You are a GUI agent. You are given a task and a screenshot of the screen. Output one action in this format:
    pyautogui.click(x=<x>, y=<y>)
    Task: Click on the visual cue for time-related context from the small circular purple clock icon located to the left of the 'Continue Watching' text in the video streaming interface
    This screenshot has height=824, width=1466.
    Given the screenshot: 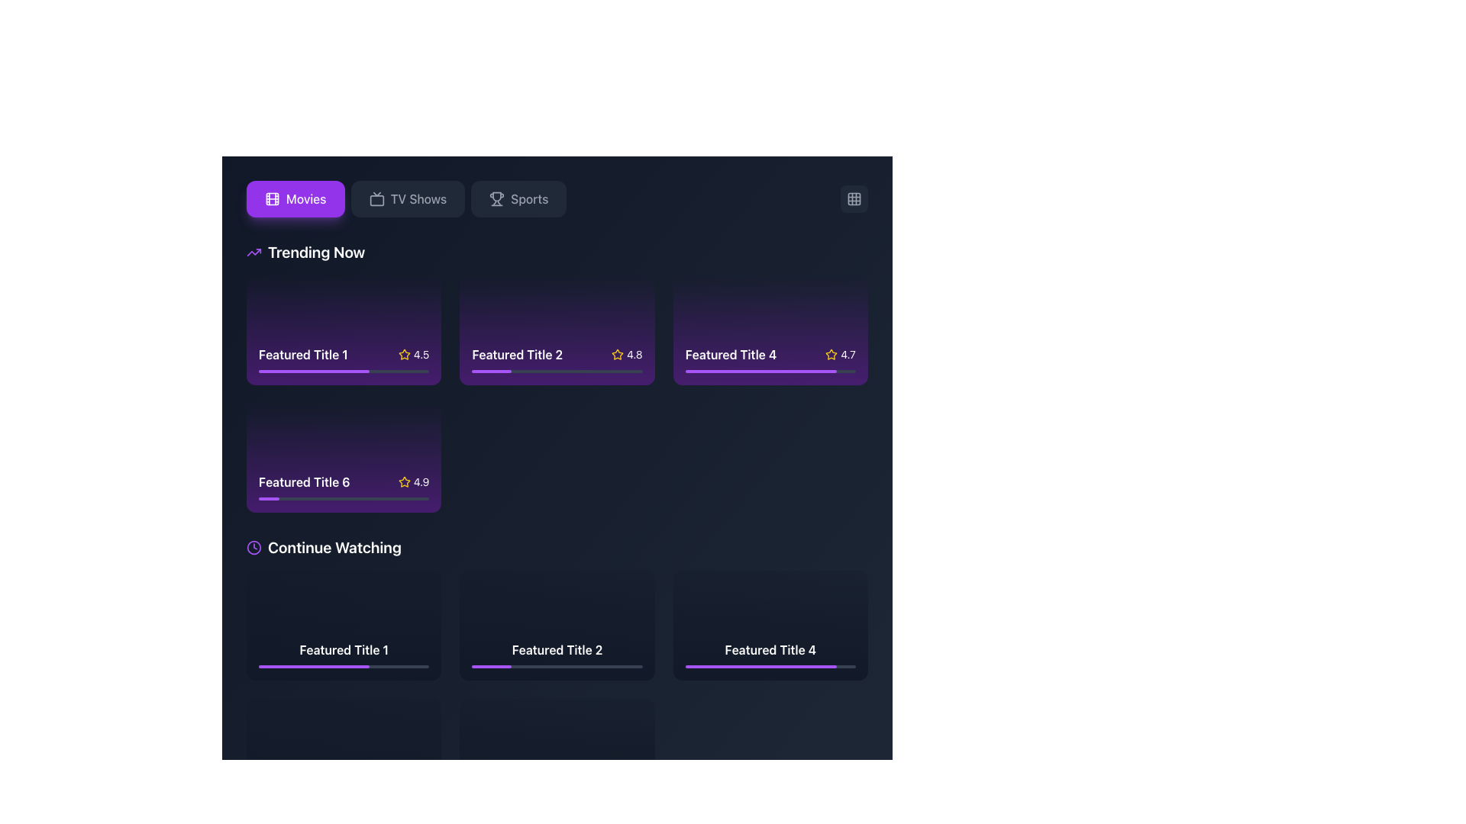 What is the action you would take?
    pyautogui.click(x=253, y=546)
    